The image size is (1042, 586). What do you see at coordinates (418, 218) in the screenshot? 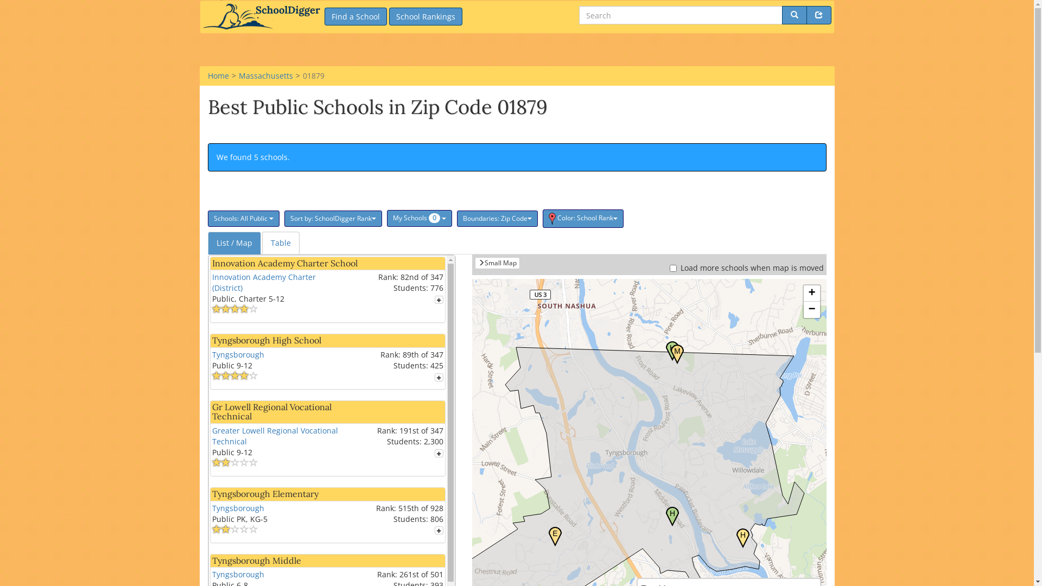
I see `'My Schools 0 '` at bounding box center [418, 218].